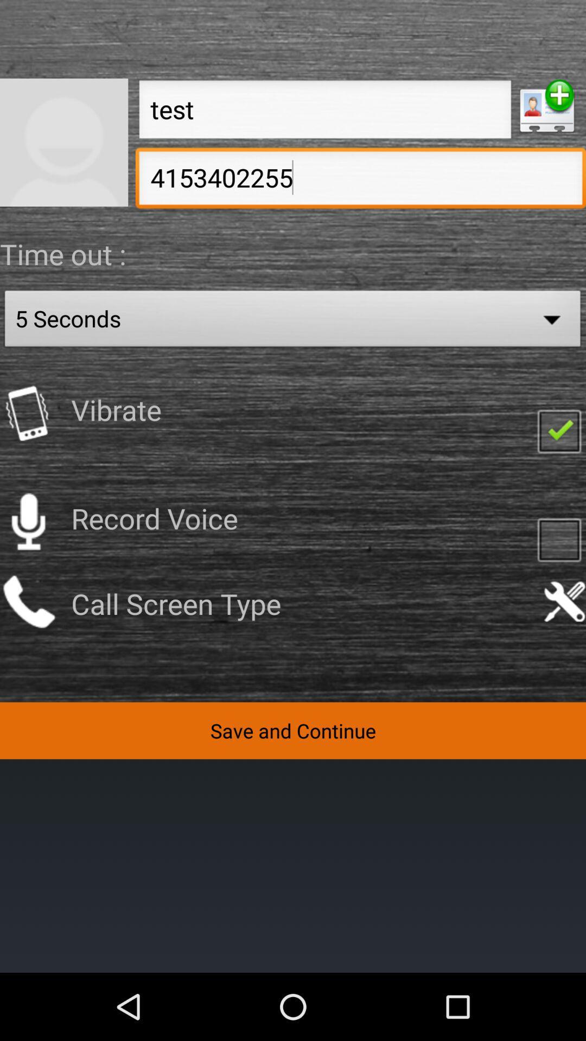 Image resolution: width=586 pixels, height=1041 pixels. I want to click on choose vibrate, so click(559, 430).